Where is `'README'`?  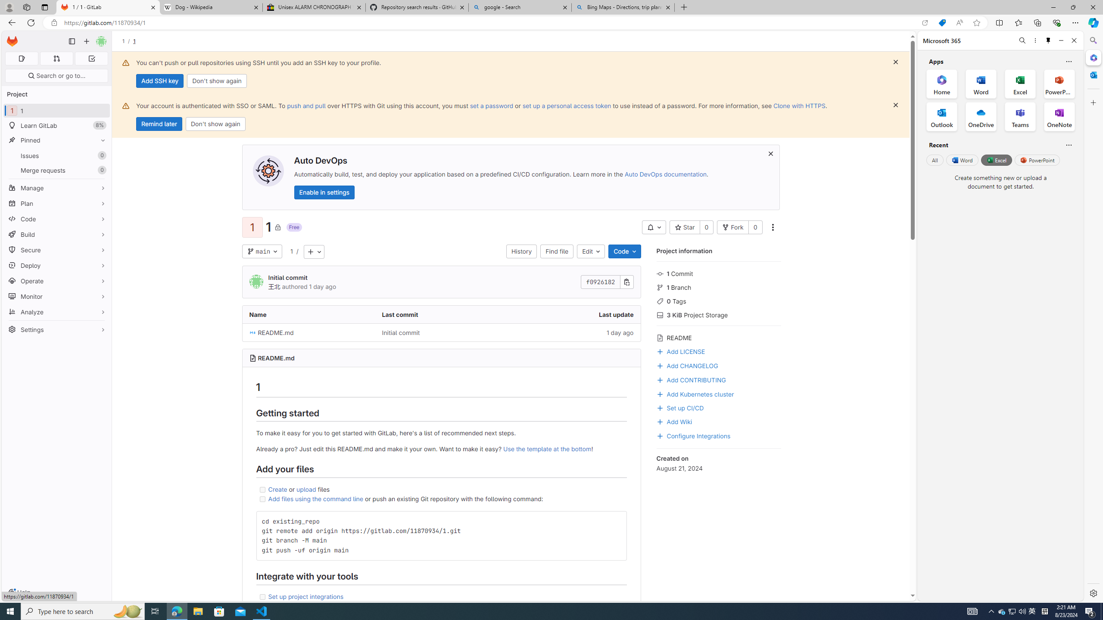
'README' is located at coordinates (718, 336).